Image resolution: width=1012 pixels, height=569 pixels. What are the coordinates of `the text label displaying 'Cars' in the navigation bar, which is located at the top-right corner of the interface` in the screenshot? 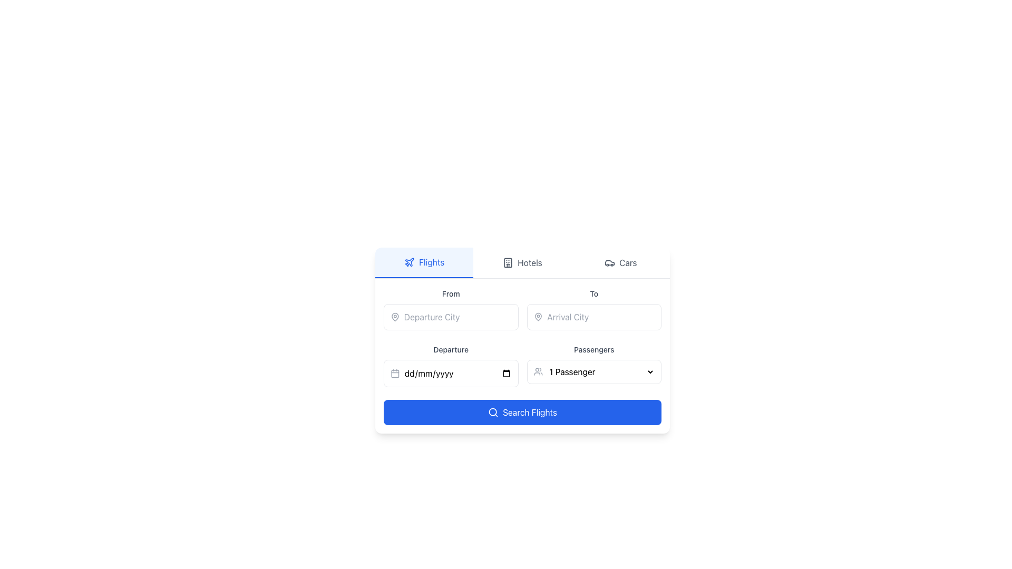 It's located at (628, 262).